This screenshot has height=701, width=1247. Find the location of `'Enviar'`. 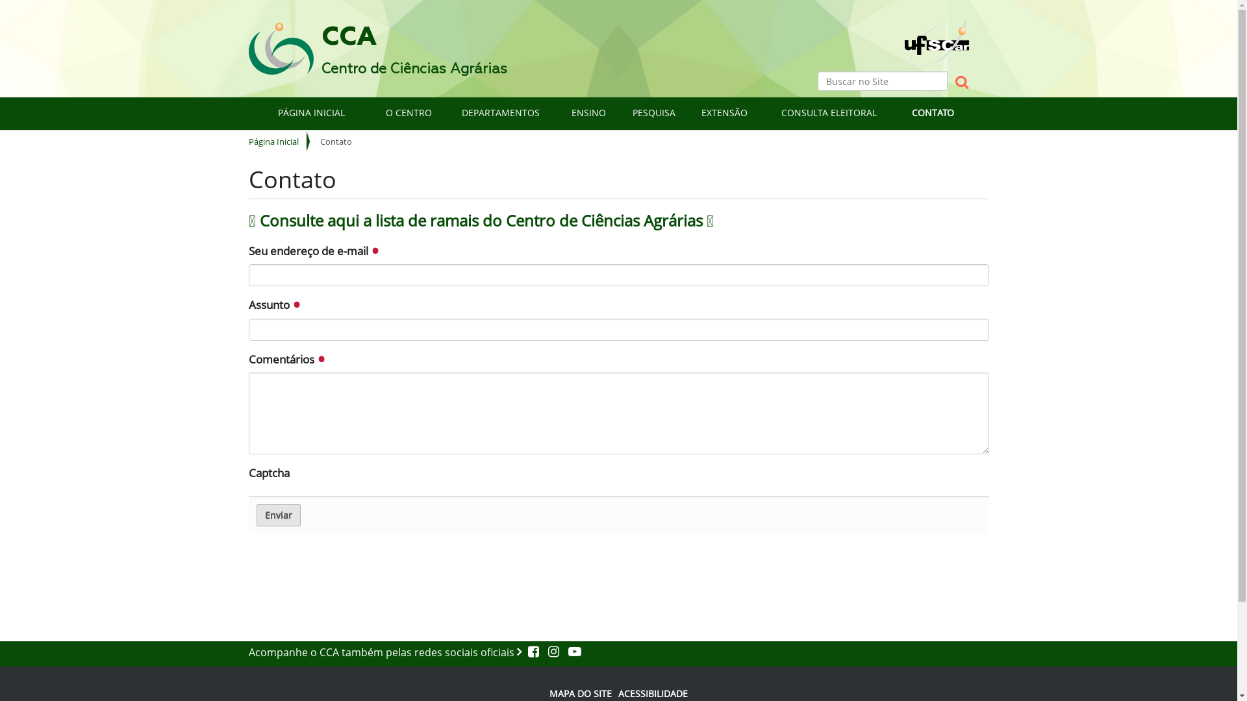

'Enviar' is located at coordinates (277, 515).